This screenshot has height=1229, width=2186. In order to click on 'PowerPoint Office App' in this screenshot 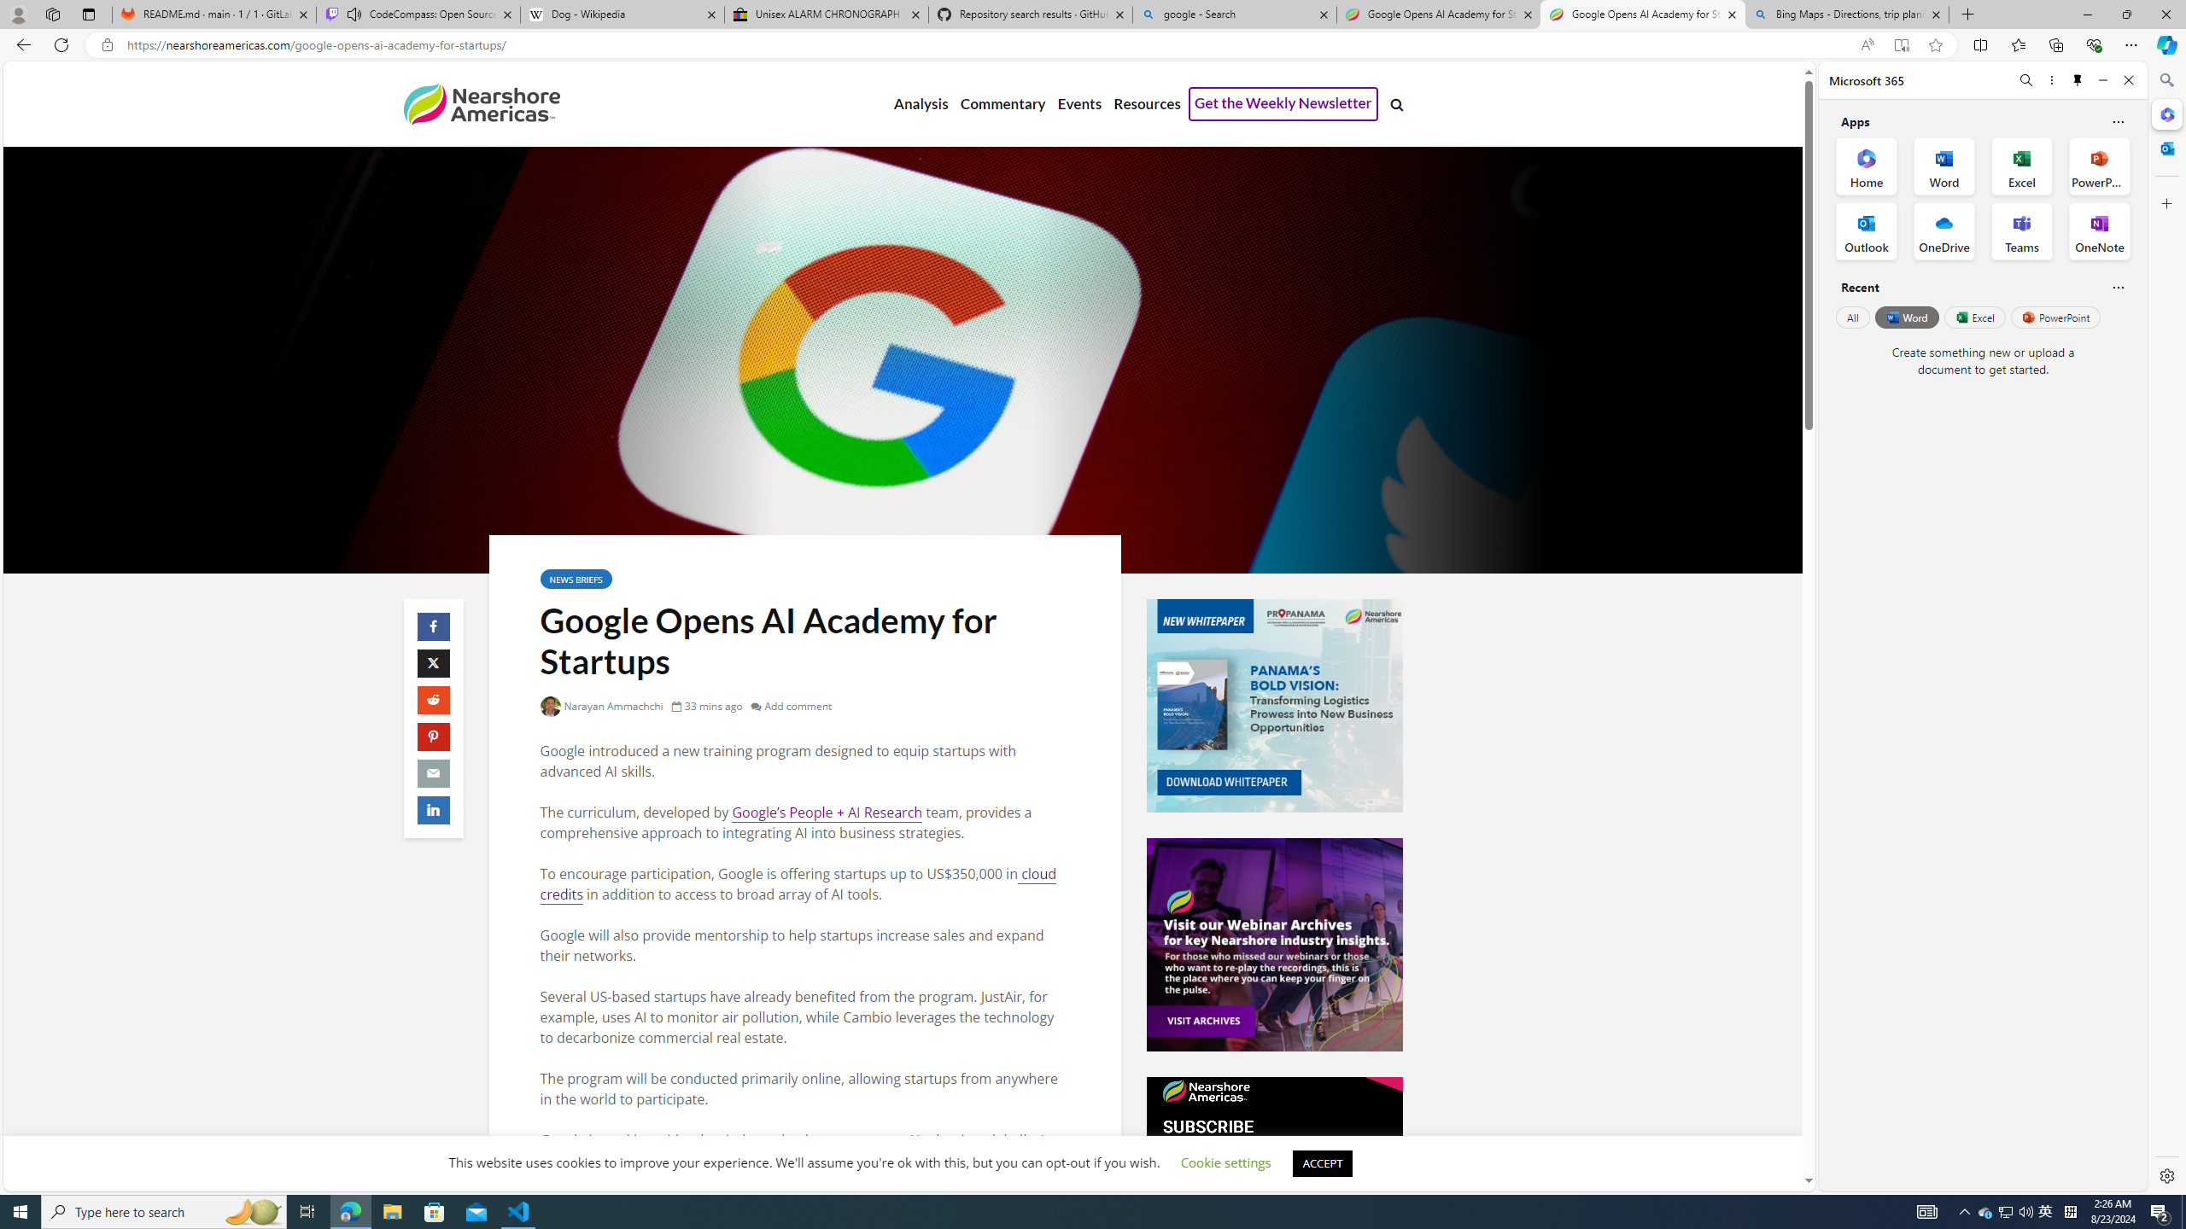, I will do `click(2099, 166)`.